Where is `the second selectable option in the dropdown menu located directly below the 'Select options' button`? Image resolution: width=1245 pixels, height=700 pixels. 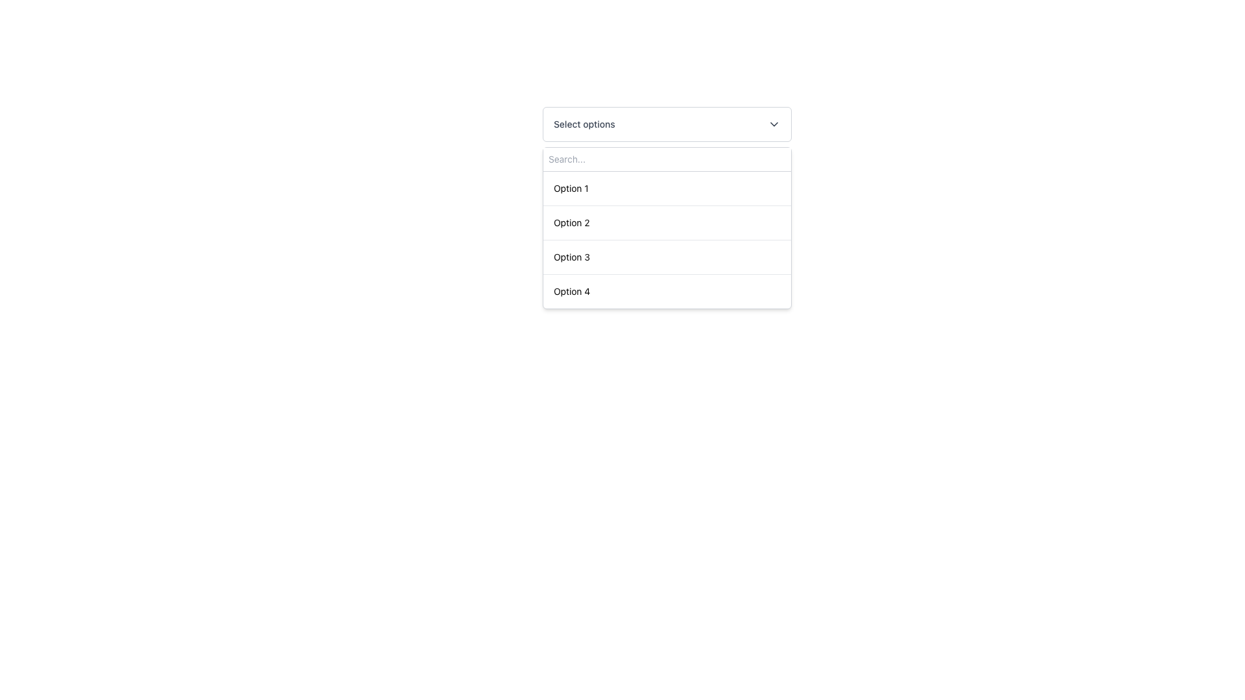 the second selectable option in the dropdown menu located directly below the 'Select options' button is located at coordinates (667, 227).